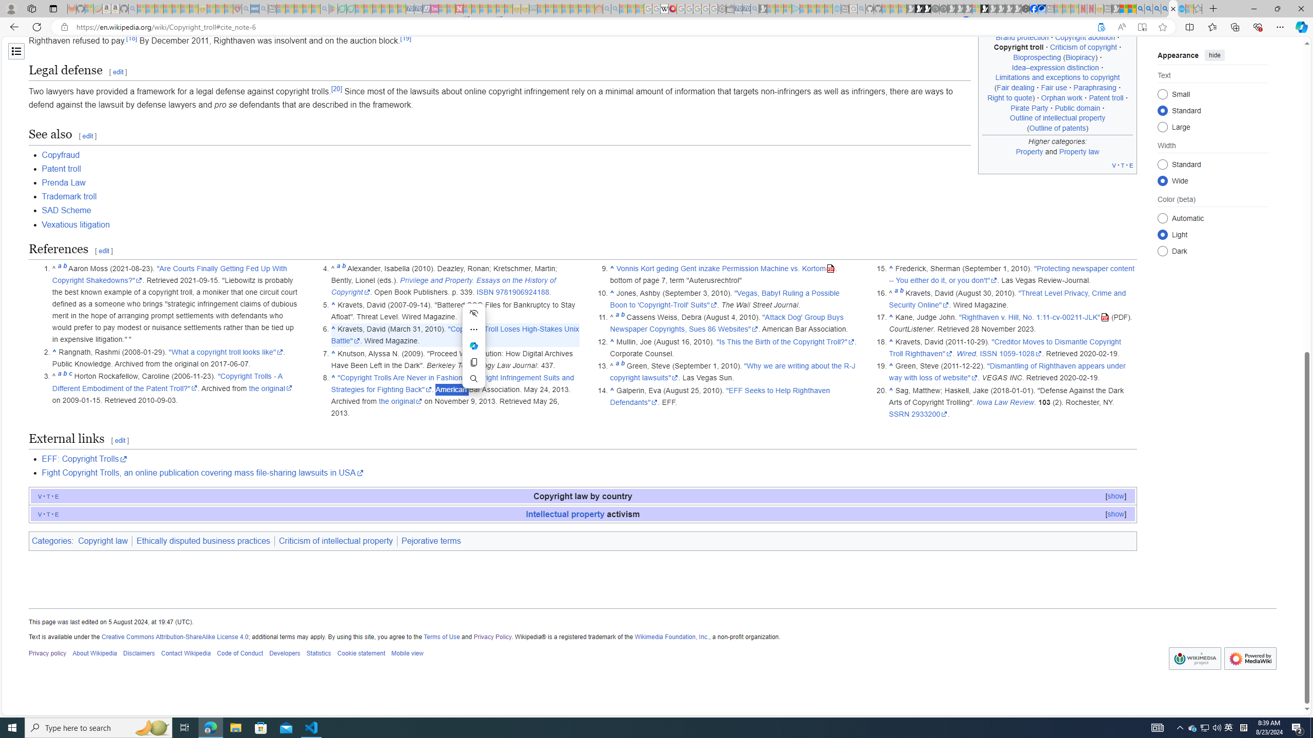 This screenshot has width=1313, height=738. I want to click on 'Copy', so click(474, 362).